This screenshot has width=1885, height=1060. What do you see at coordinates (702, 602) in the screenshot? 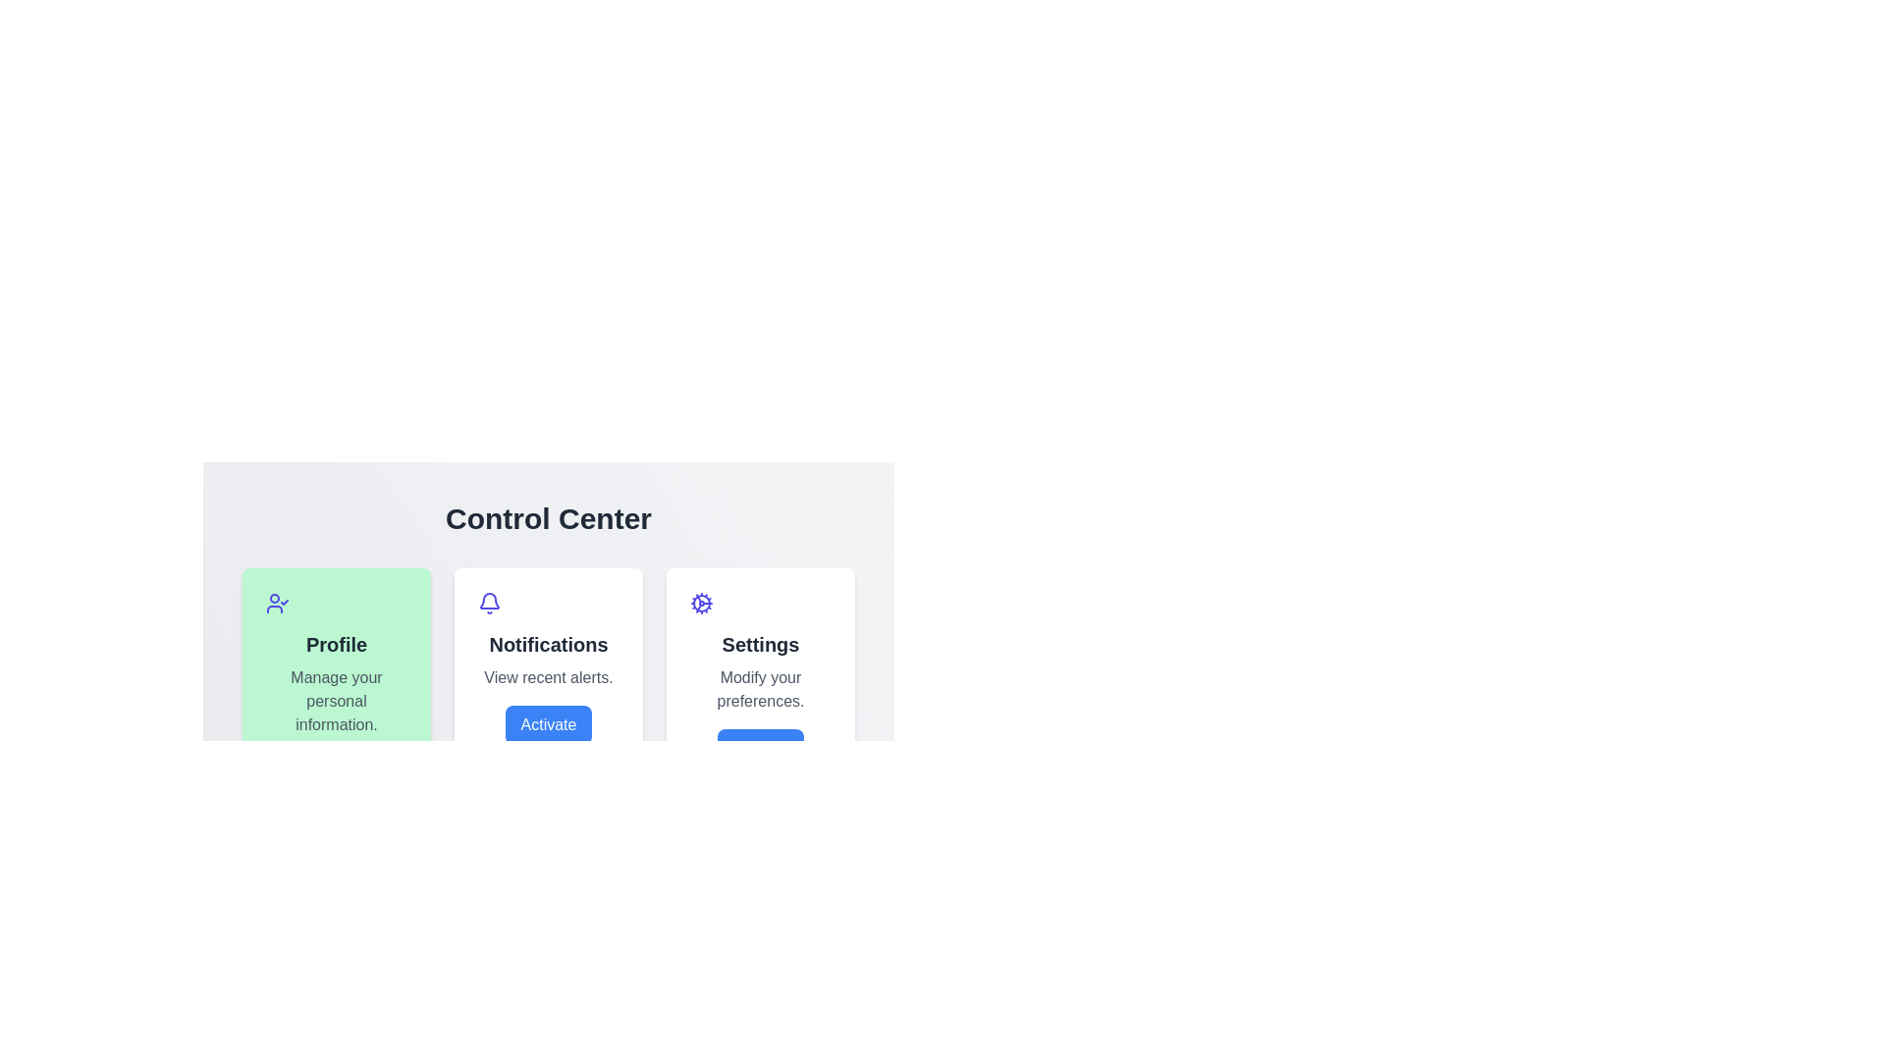
I see `the settings icon located at the center of the card labeled 'Settings', which is the third card from the left in the row below the 'Control Center' title` at bounding box center [702, 602].